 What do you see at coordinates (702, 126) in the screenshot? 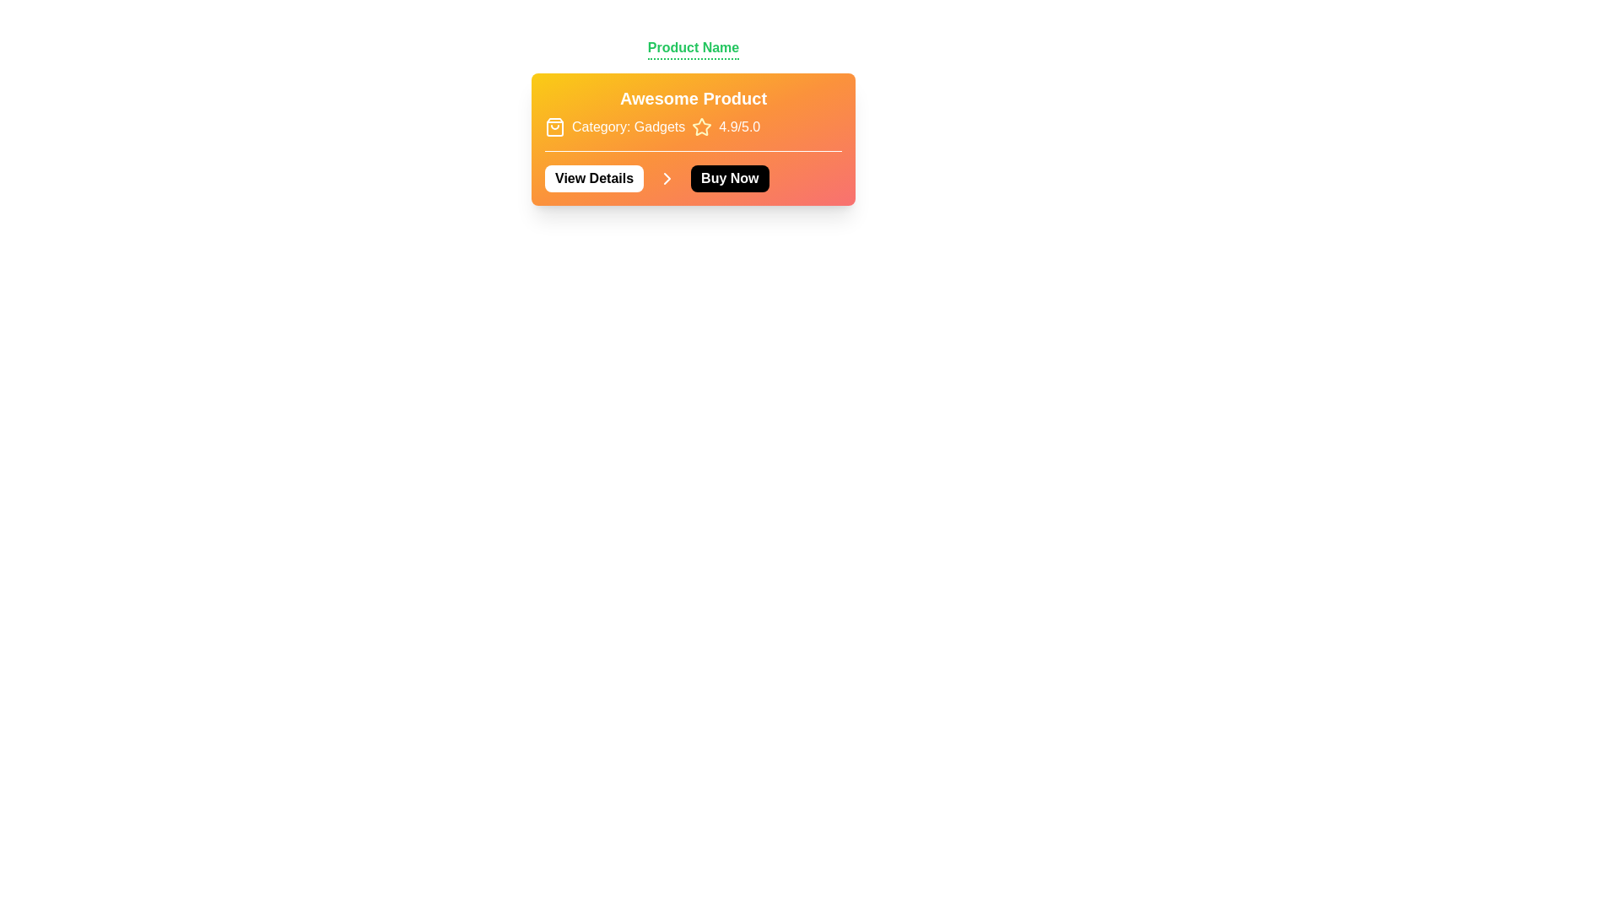
I see `the star shape icon that indicates a rating score of '4.9/5.0', located in the top-right of the product details card` at bounding box center [702, 126].